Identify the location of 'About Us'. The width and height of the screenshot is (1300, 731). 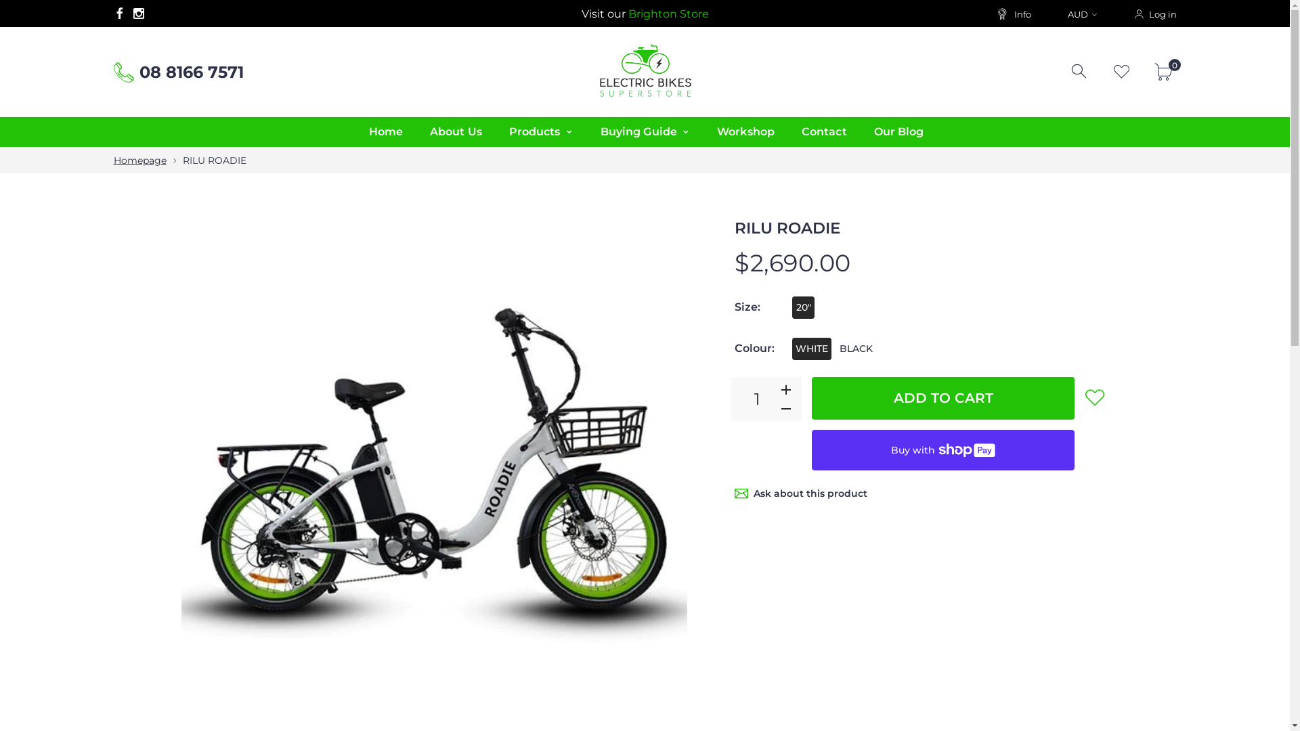
(456, 132).